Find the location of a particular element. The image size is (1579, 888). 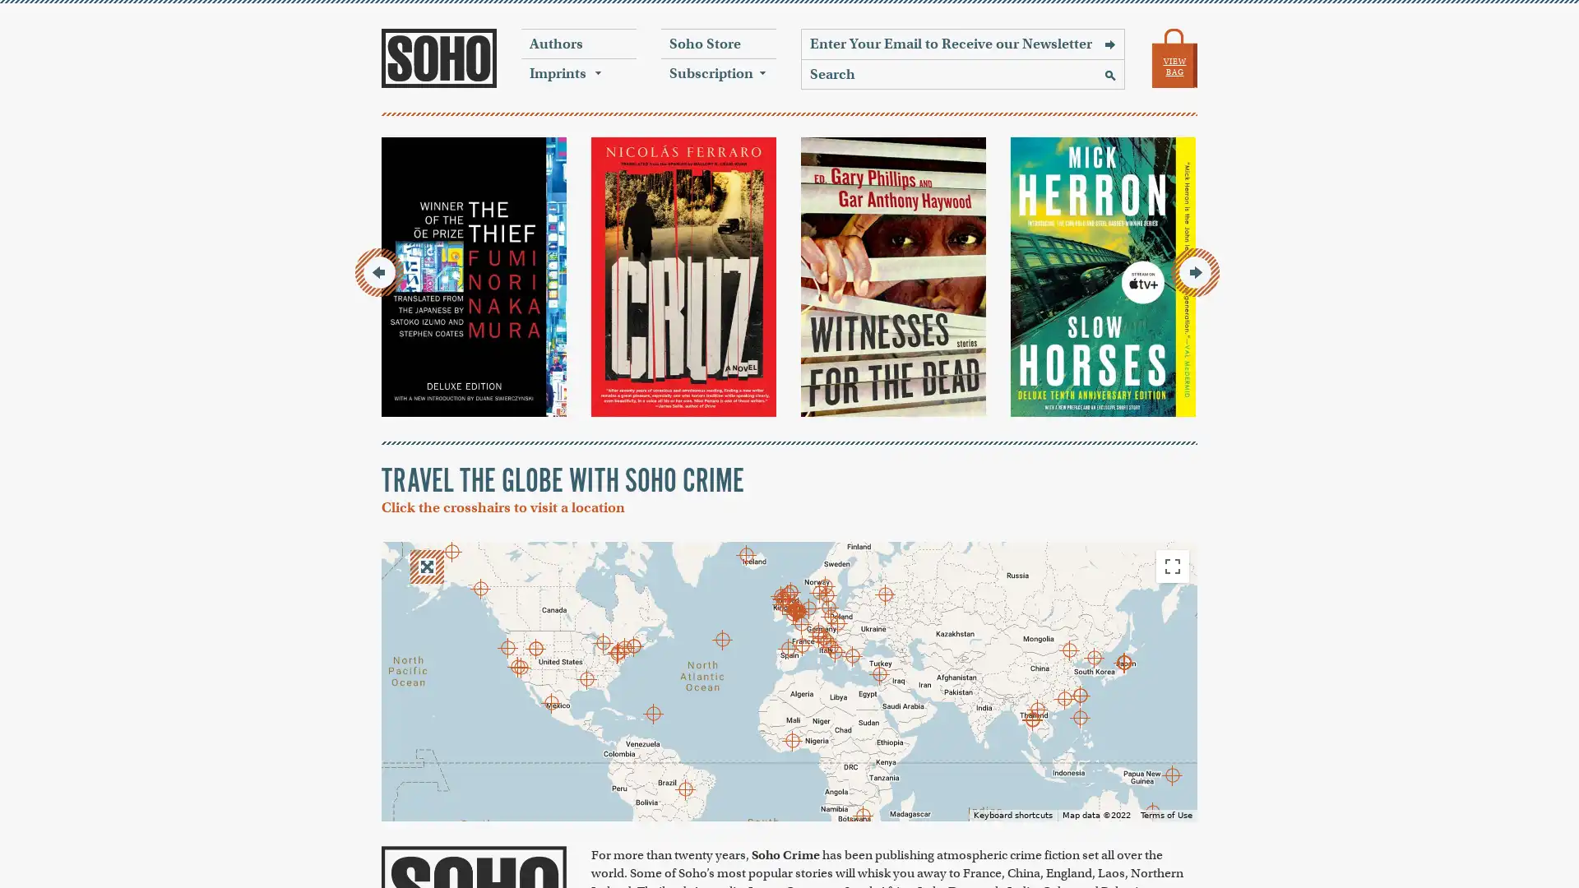

Zoom in is located at coordinates (1171, 751).